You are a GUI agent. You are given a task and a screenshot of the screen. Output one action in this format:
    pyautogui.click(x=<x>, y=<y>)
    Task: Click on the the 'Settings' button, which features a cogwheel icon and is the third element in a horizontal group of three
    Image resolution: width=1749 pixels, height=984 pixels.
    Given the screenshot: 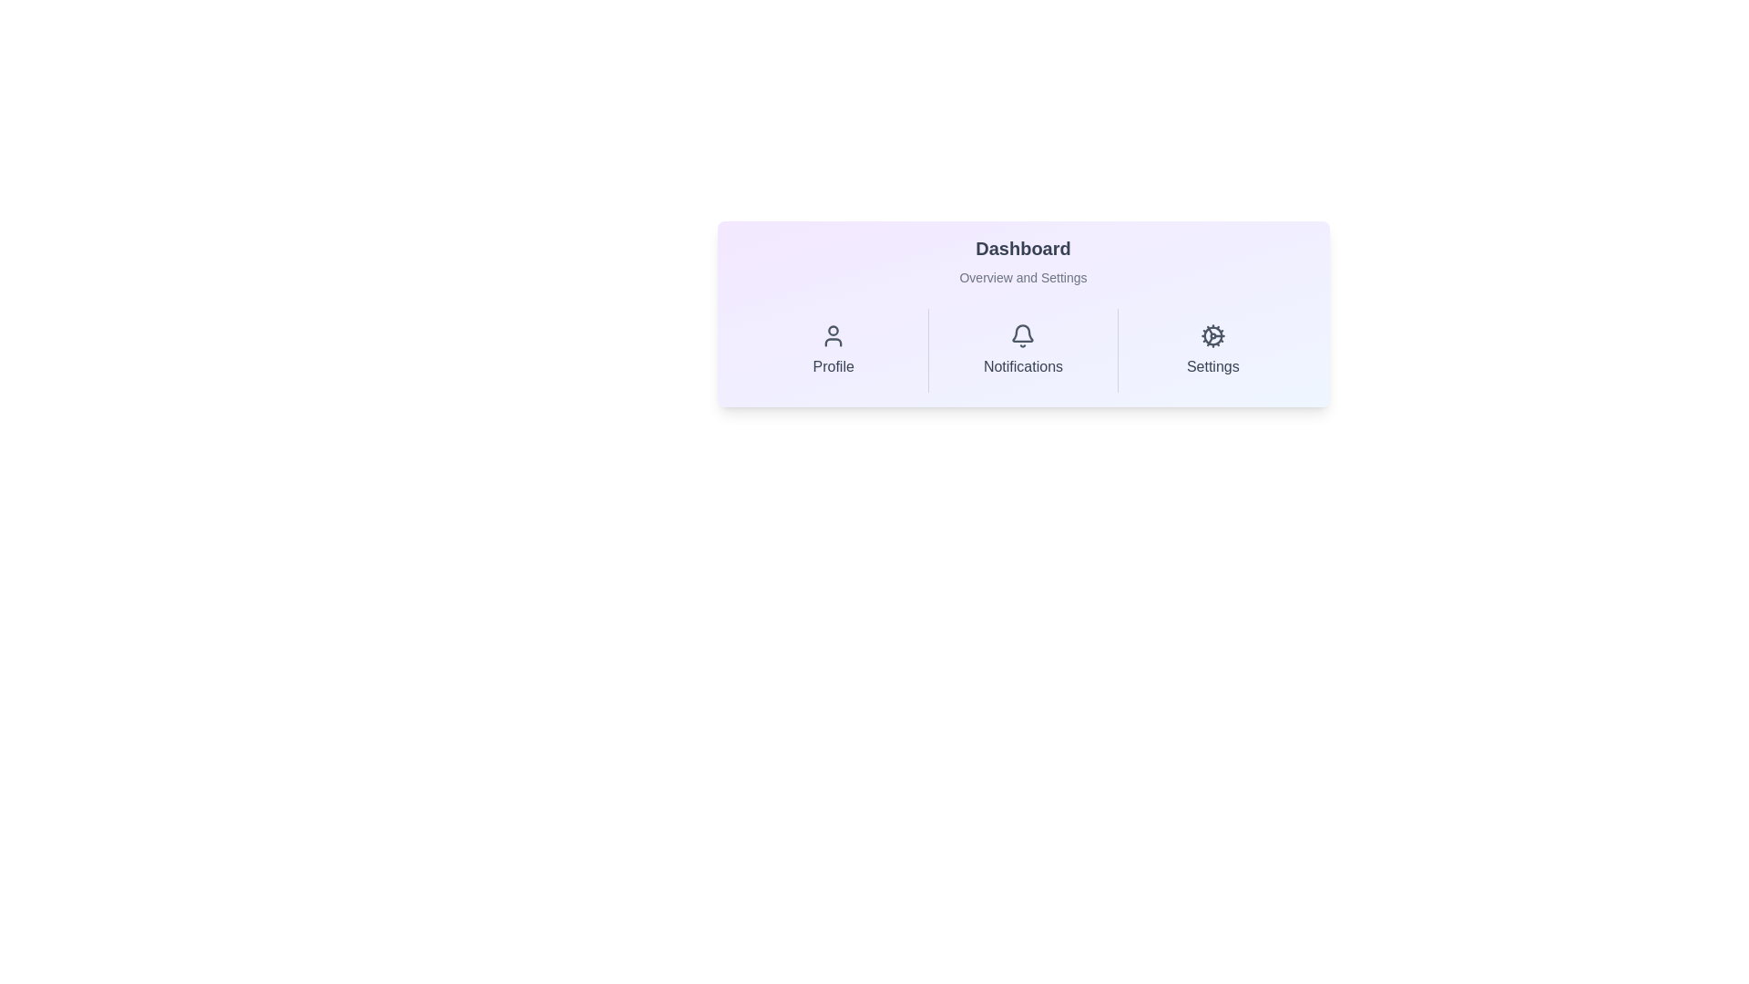 What is the action you would take?
    pyautogui.click(x=1212, y=351)
    